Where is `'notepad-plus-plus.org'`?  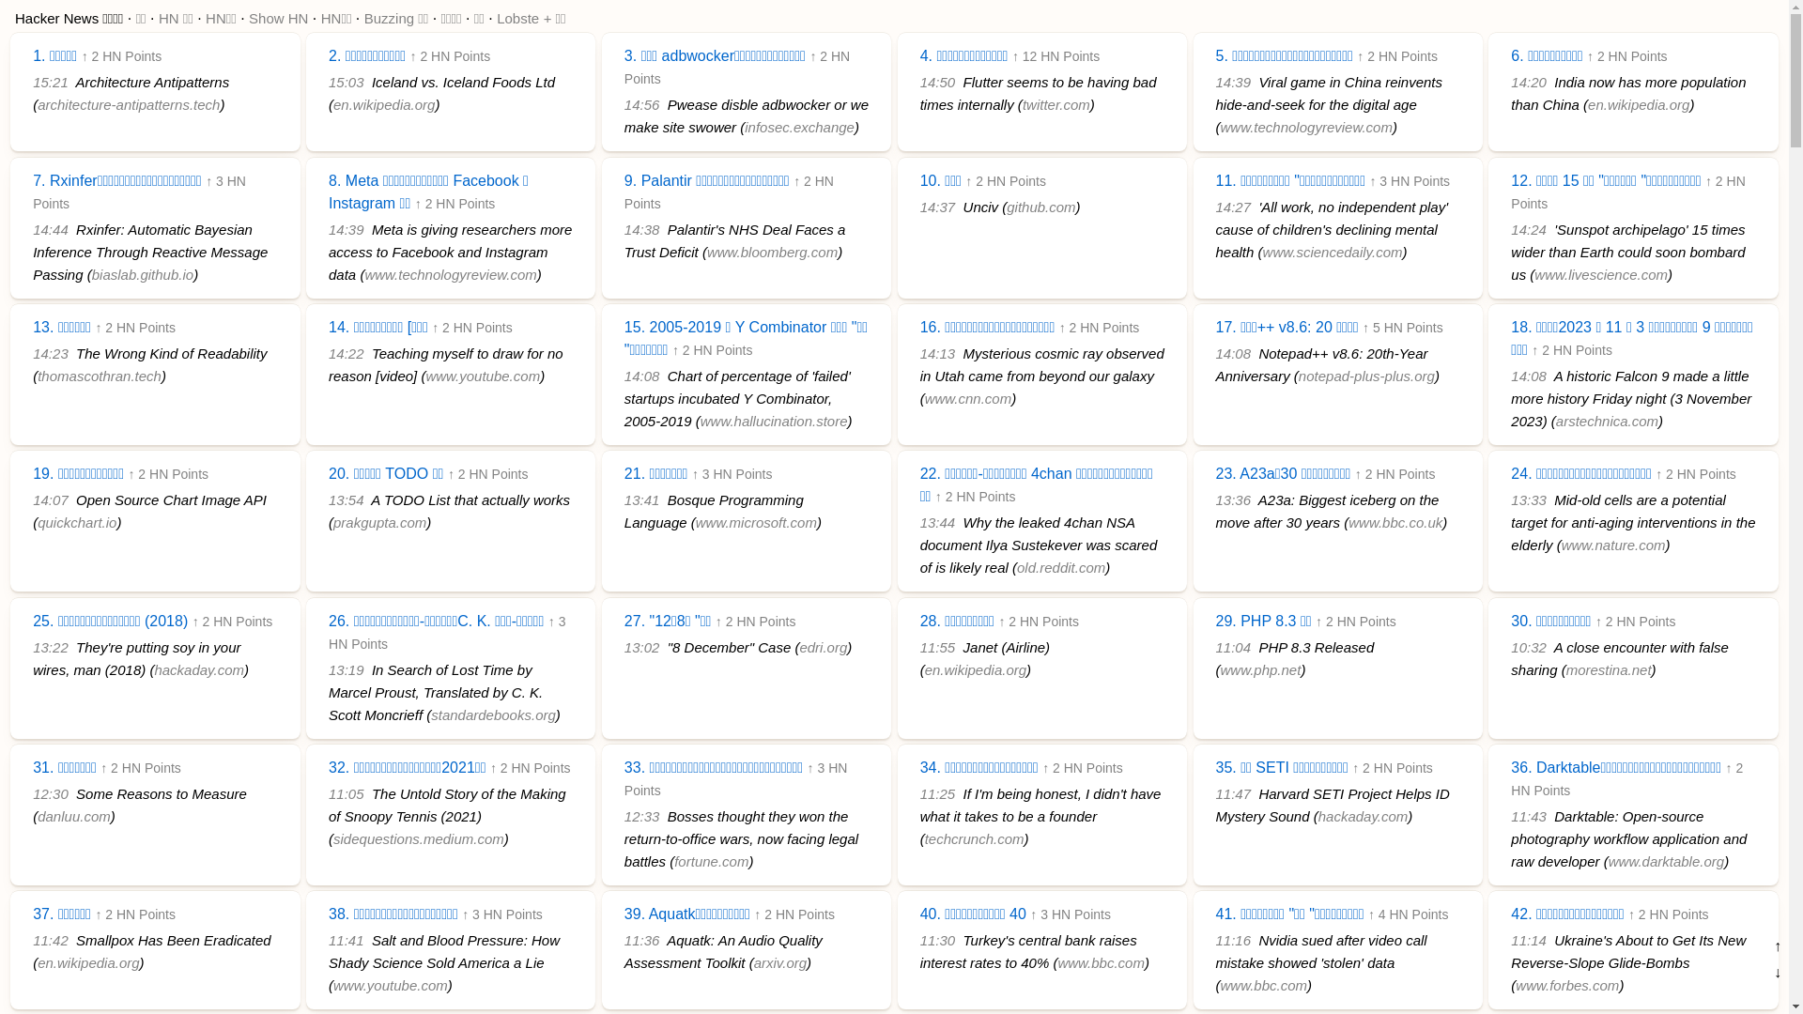
'notepad-plus-plus.org' is located at coordinates (1366, 376).